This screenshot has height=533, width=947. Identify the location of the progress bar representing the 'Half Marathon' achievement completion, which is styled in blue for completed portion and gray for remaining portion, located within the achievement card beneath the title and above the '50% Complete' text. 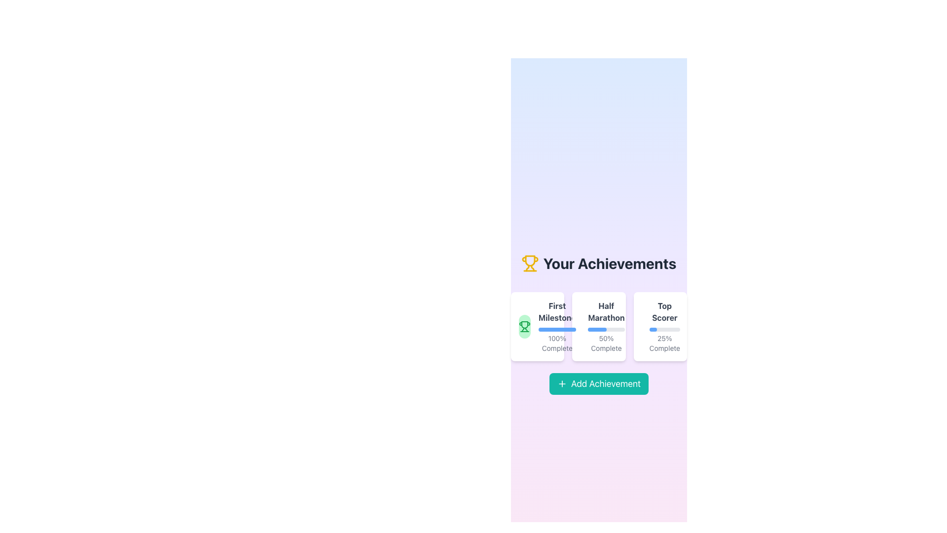
(606, 329).